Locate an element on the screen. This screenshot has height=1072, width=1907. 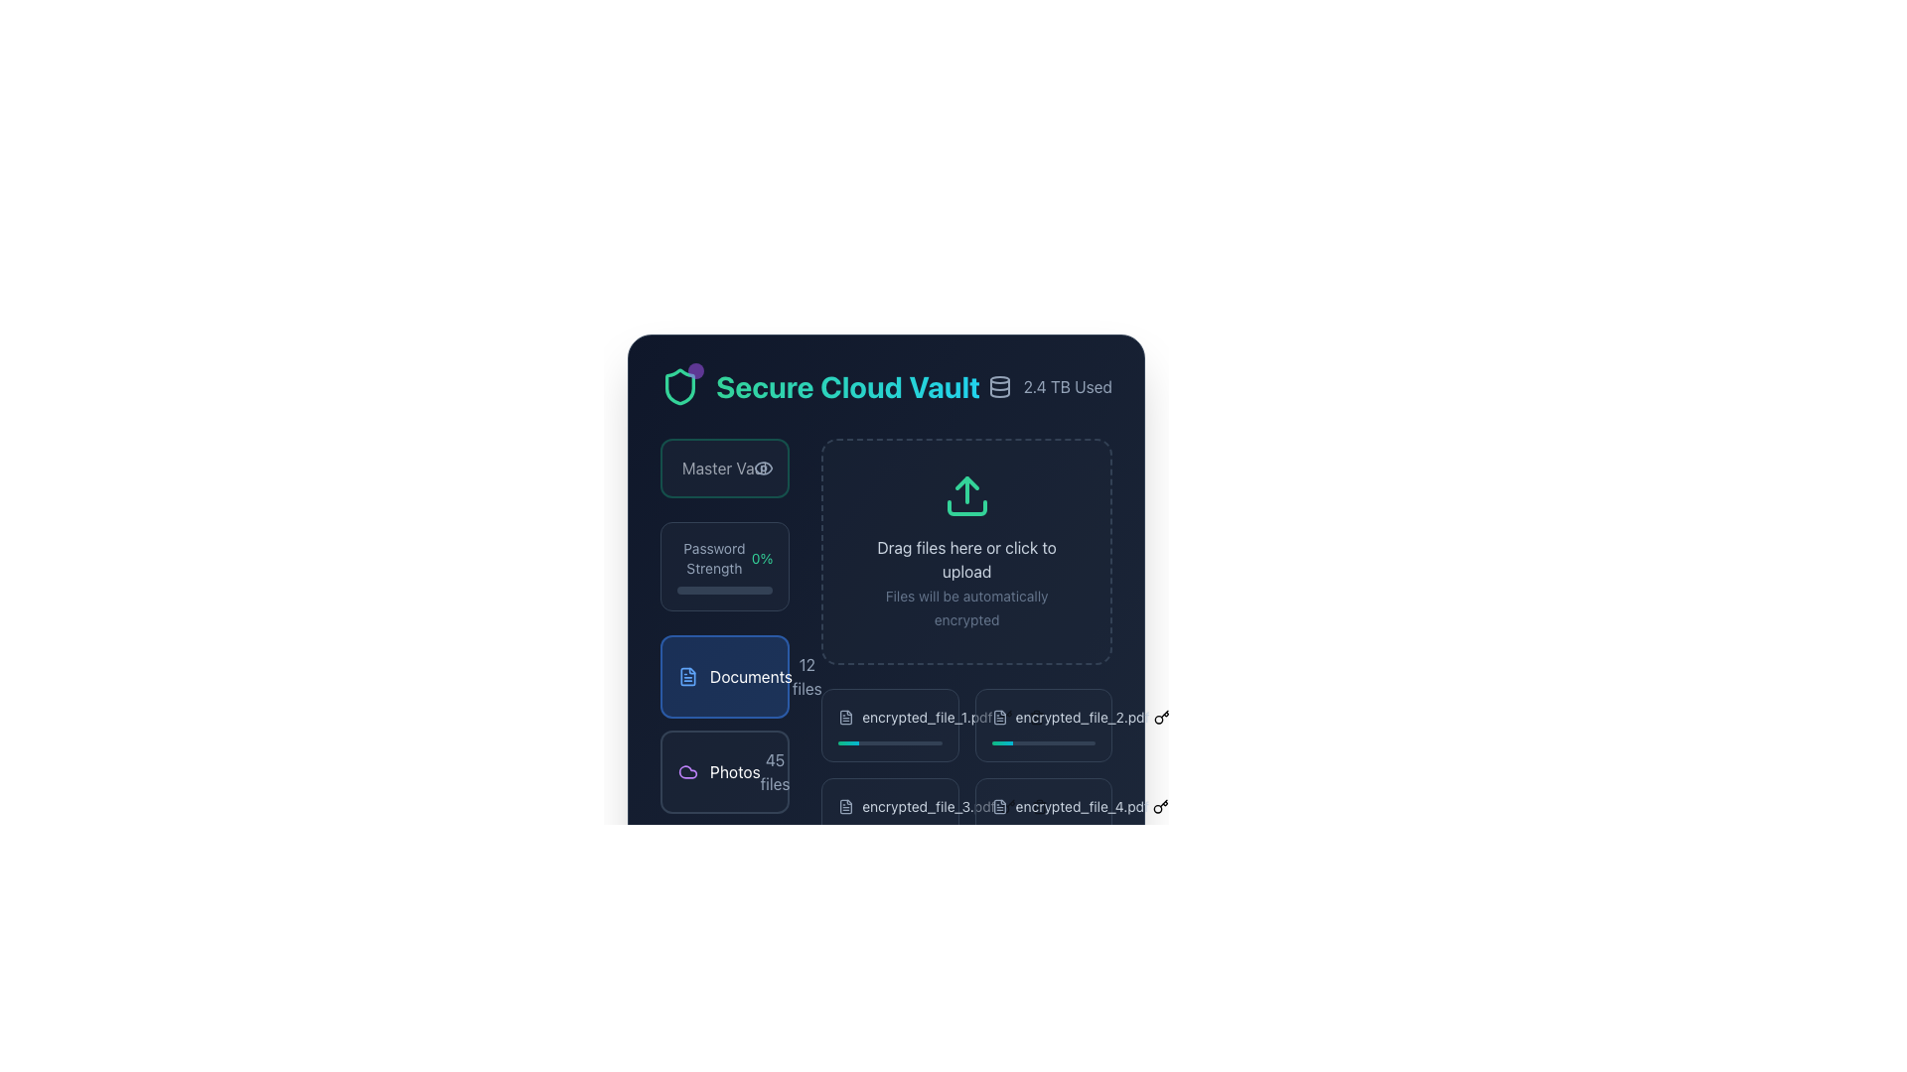
the trash can icon button located on the right side of the file entry labeled 'encrypted_file_2.pdf' is located at coordinates (1035, 717).